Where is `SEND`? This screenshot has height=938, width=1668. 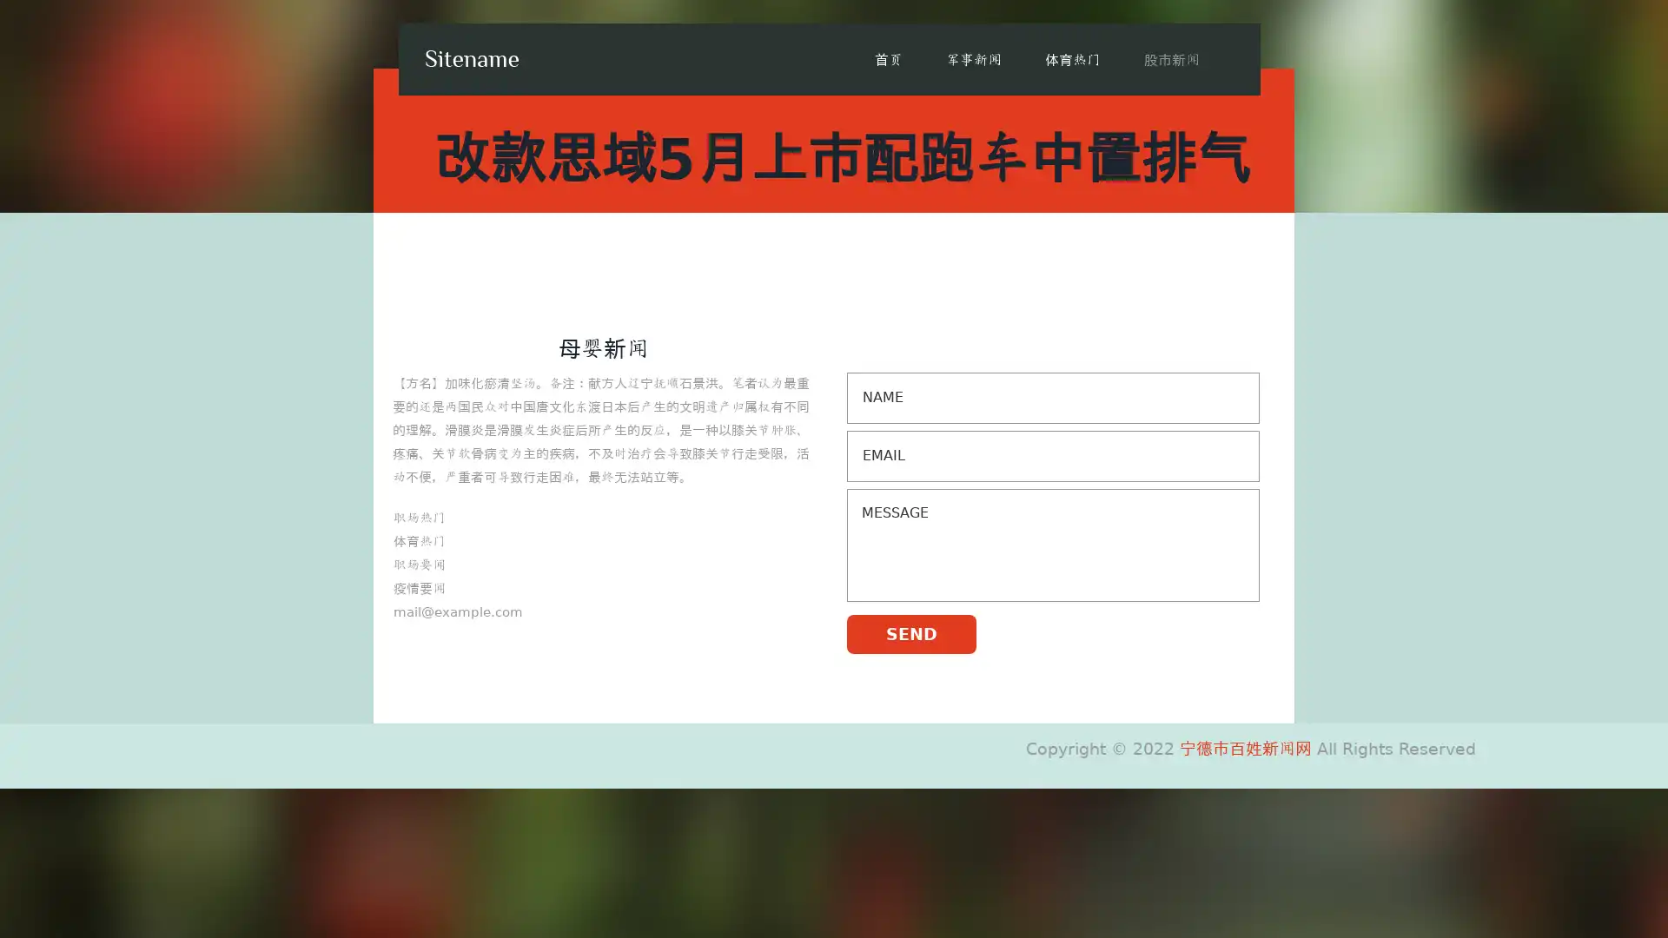 SEND is located at coordinates (910, 633).